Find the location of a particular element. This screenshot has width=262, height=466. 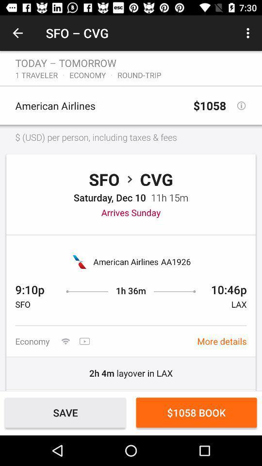

save in the bottom is located at coordinates (65, 412).